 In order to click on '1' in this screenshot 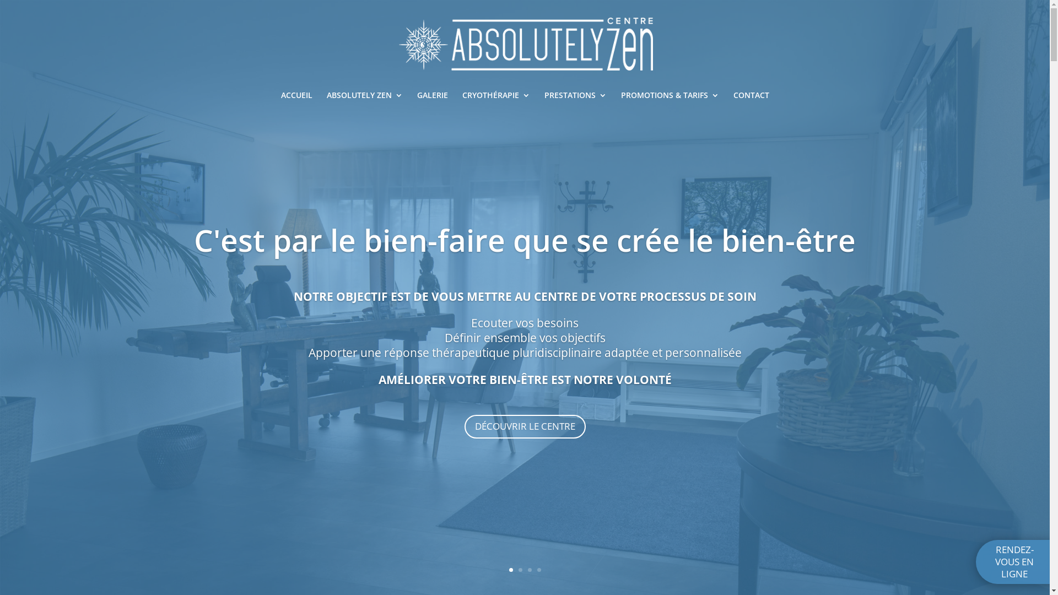, I will do `click(510, 570)`.